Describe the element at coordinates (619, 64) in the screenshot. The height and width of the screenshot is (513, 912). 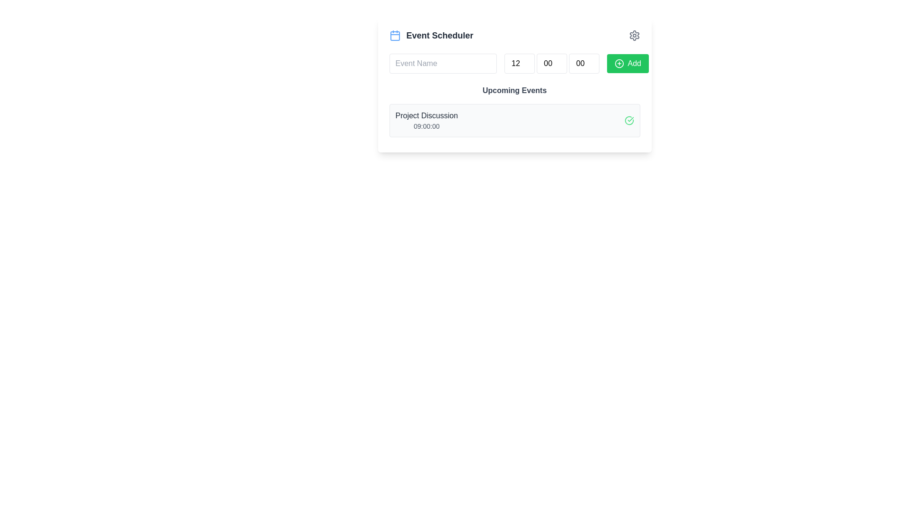
I see `the circular SVG graphical element that defines the outer boundary of the interactive button labeled 'Add' located at the top-right corner of the interface` at that location.